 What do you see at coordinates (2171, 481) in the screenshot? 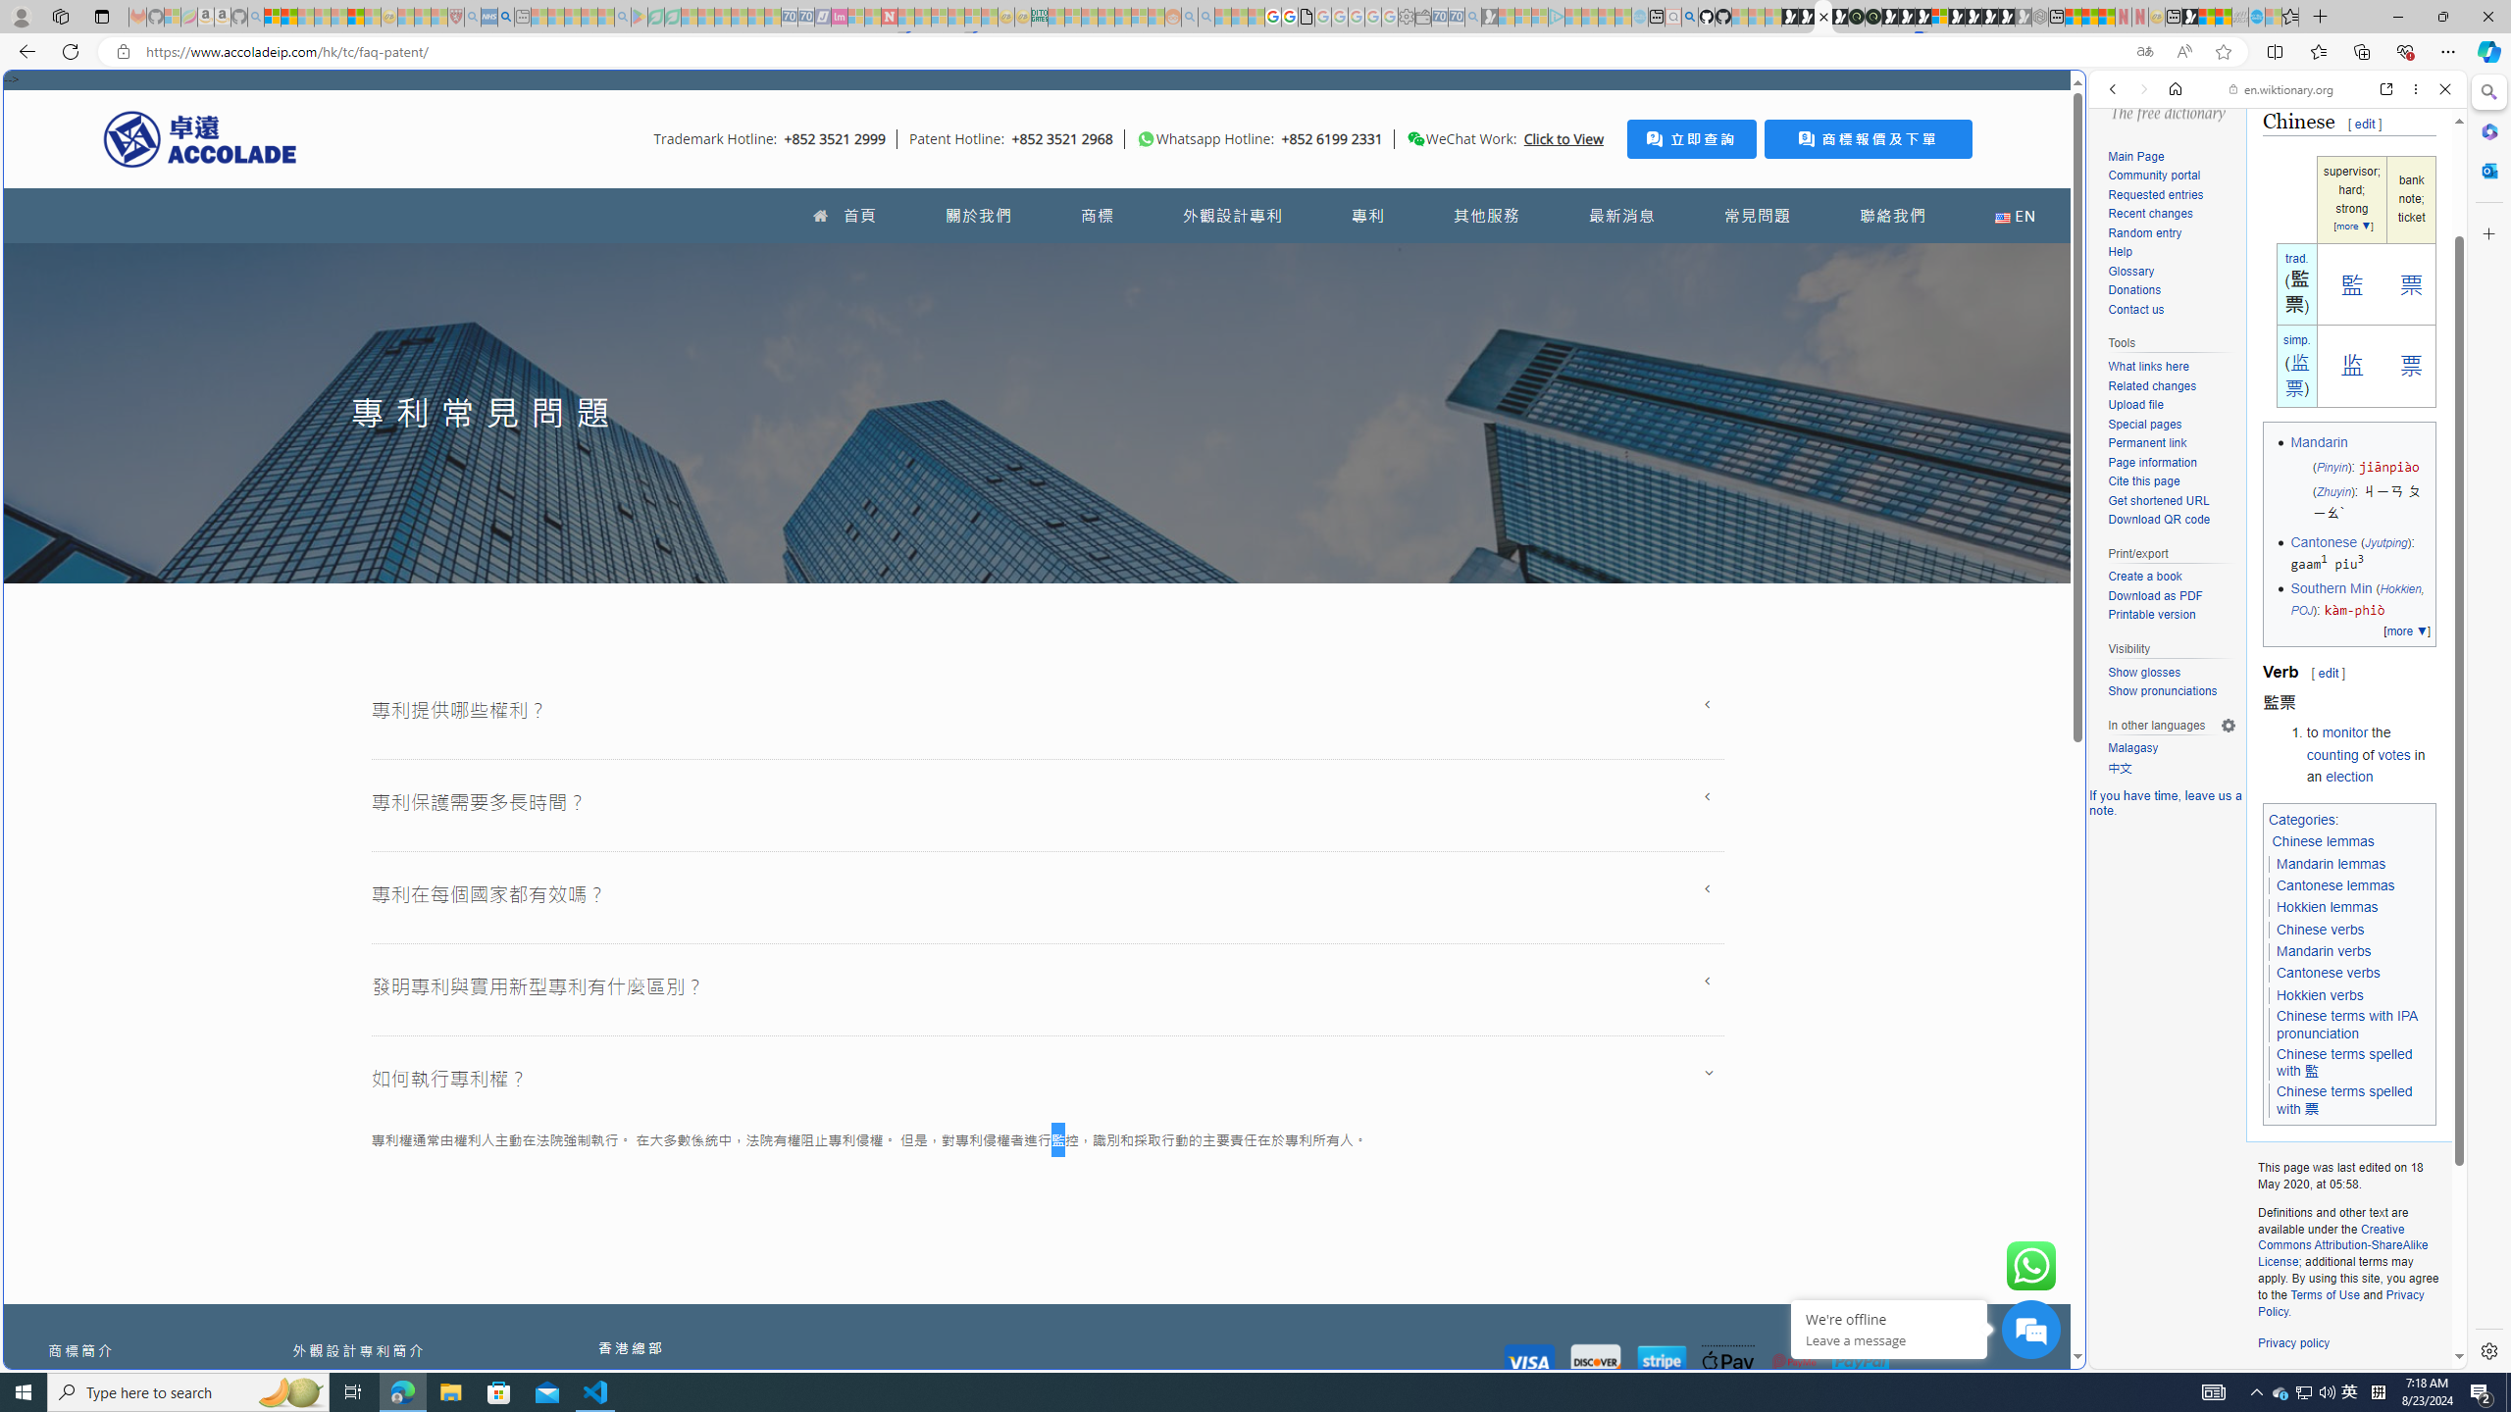
I see `'Cite this page'` at bounding box center [2171, 481].